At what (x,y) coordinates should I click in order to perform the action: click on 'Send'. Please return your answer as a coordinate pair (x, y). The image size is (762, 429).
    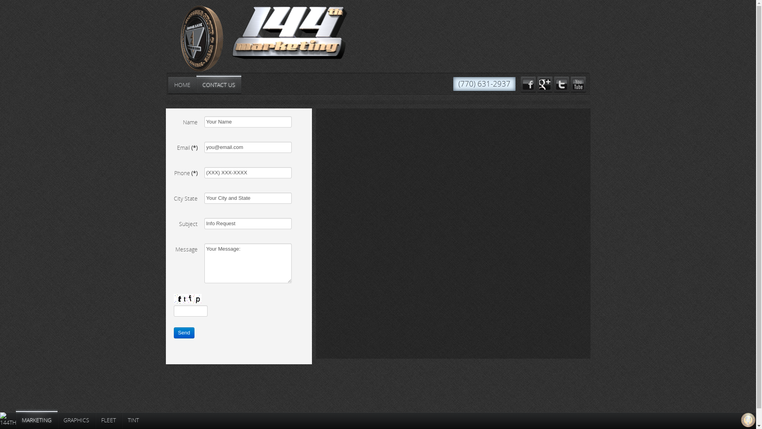
    Looking at the image, I should click on (173, 332).